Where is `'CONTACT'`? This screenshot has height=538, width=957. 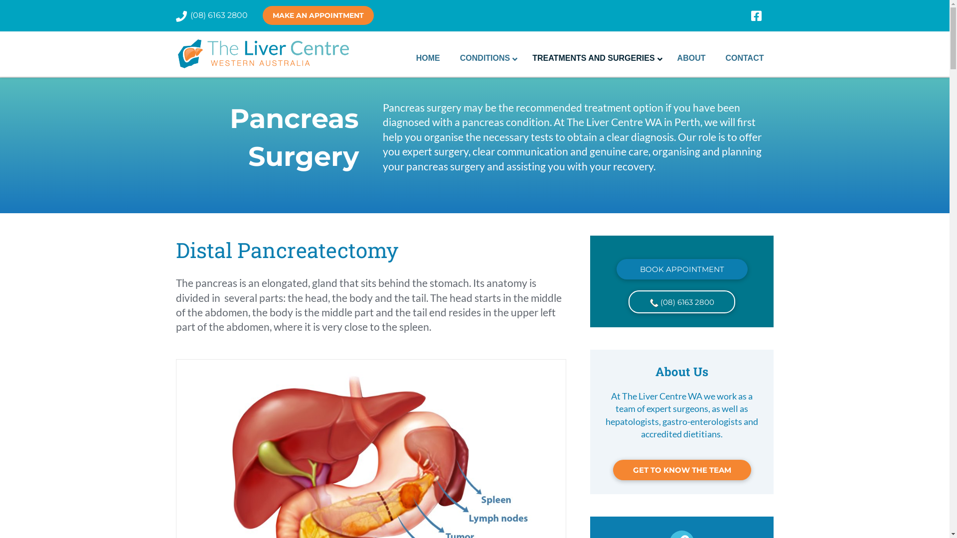
'CONTACT' is located at coordinates (744, 58).